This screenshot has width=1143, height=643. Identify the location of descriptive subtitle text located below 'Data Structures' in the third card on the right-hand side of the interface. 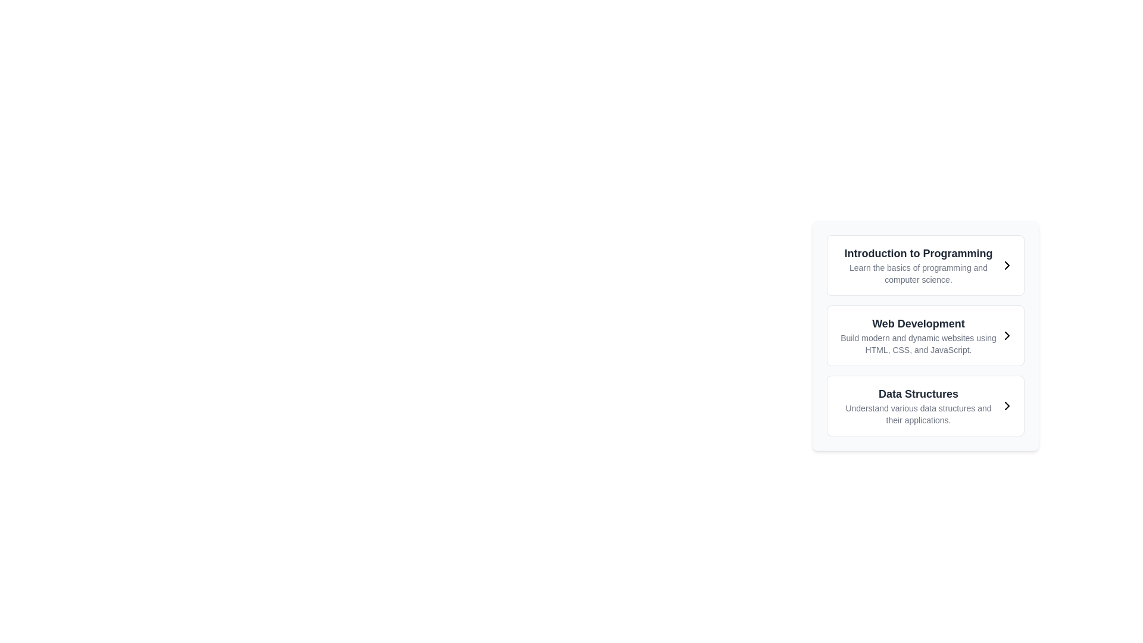
(917, 413).